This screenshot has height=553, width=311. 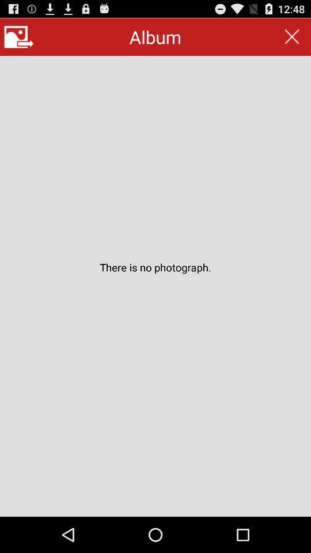 I want to click on the item next to the album app, so click(x=292, y=37).